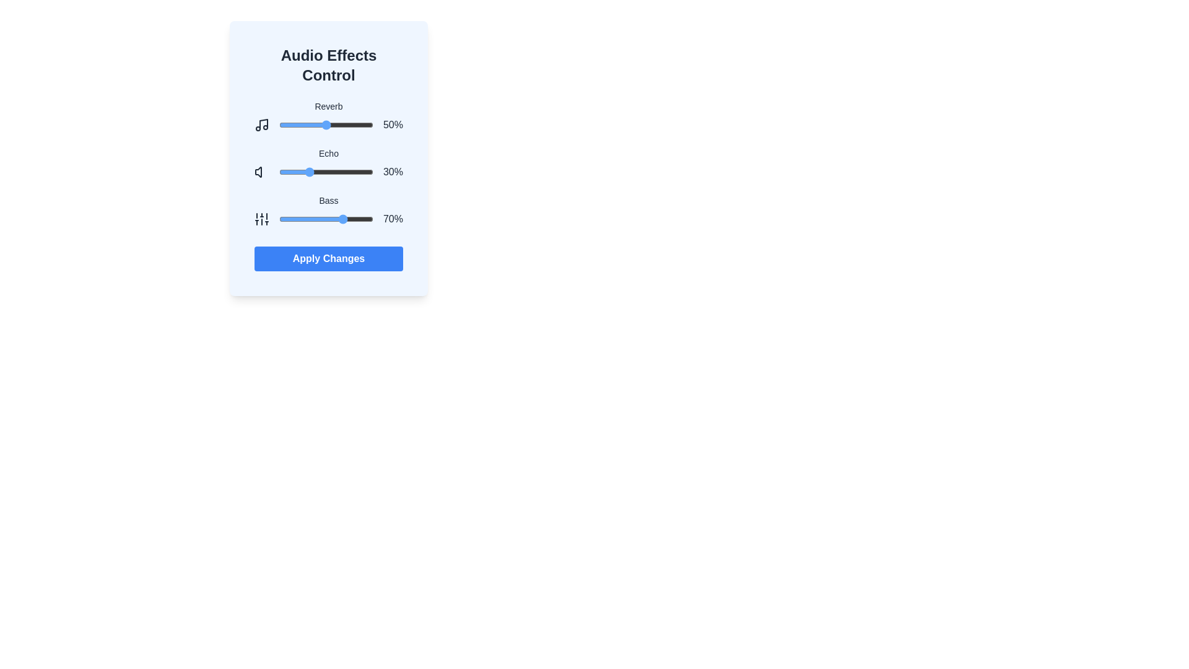 This screenshot has width=1189, height=669. I want to click on the Echo level, so click(357, 172).